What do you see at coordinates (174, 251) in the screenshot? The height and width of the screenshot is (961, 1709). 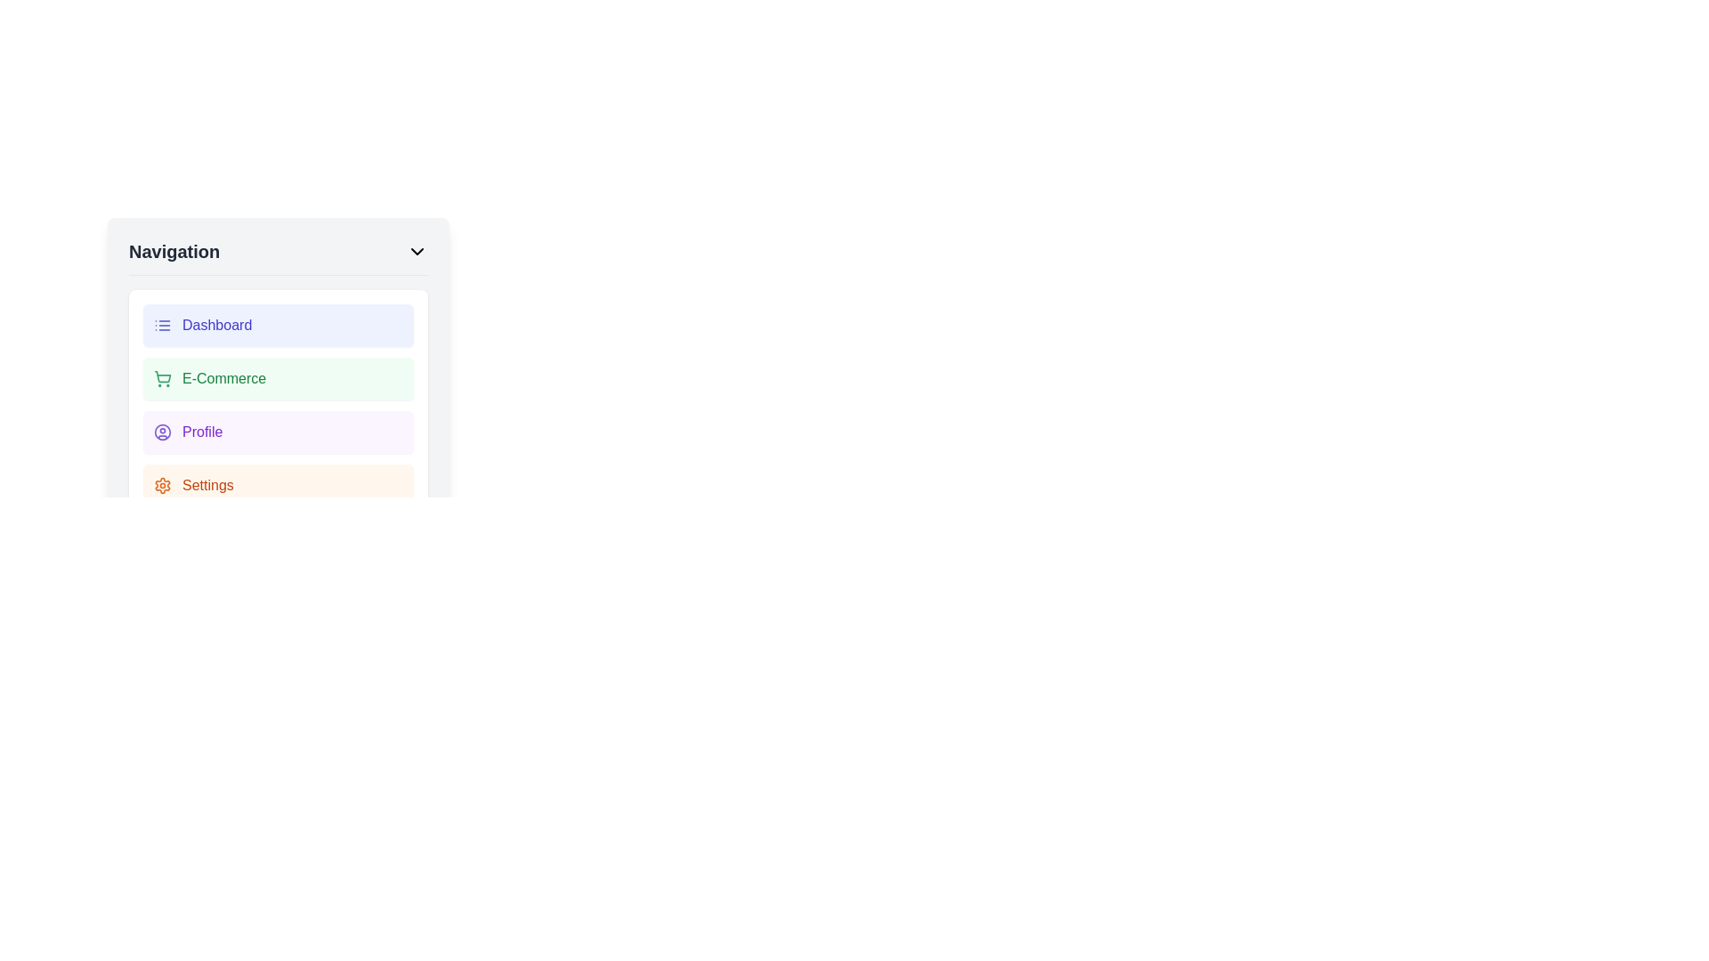 I see `text content of the bold 'Navigation' label located in the header section of the navigation menu` at bounding box center [174, 251].